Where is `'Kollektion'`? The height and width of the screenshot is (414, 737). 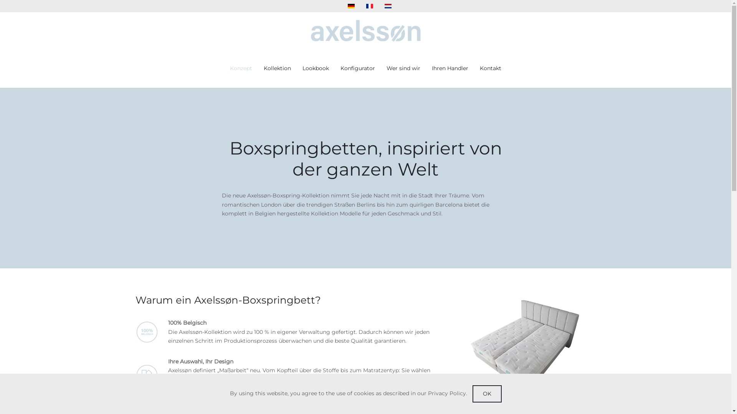 'Kollektion' is located at coordinates (277, 68).